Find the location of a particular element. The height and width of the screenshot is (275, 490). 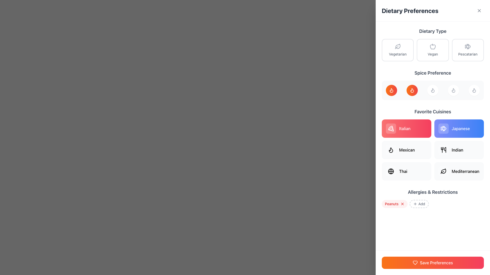

the 'Vegetarian' dietary preference option selector in the 'Dietary Preferences' dialog is located at coordinates (397, 50).